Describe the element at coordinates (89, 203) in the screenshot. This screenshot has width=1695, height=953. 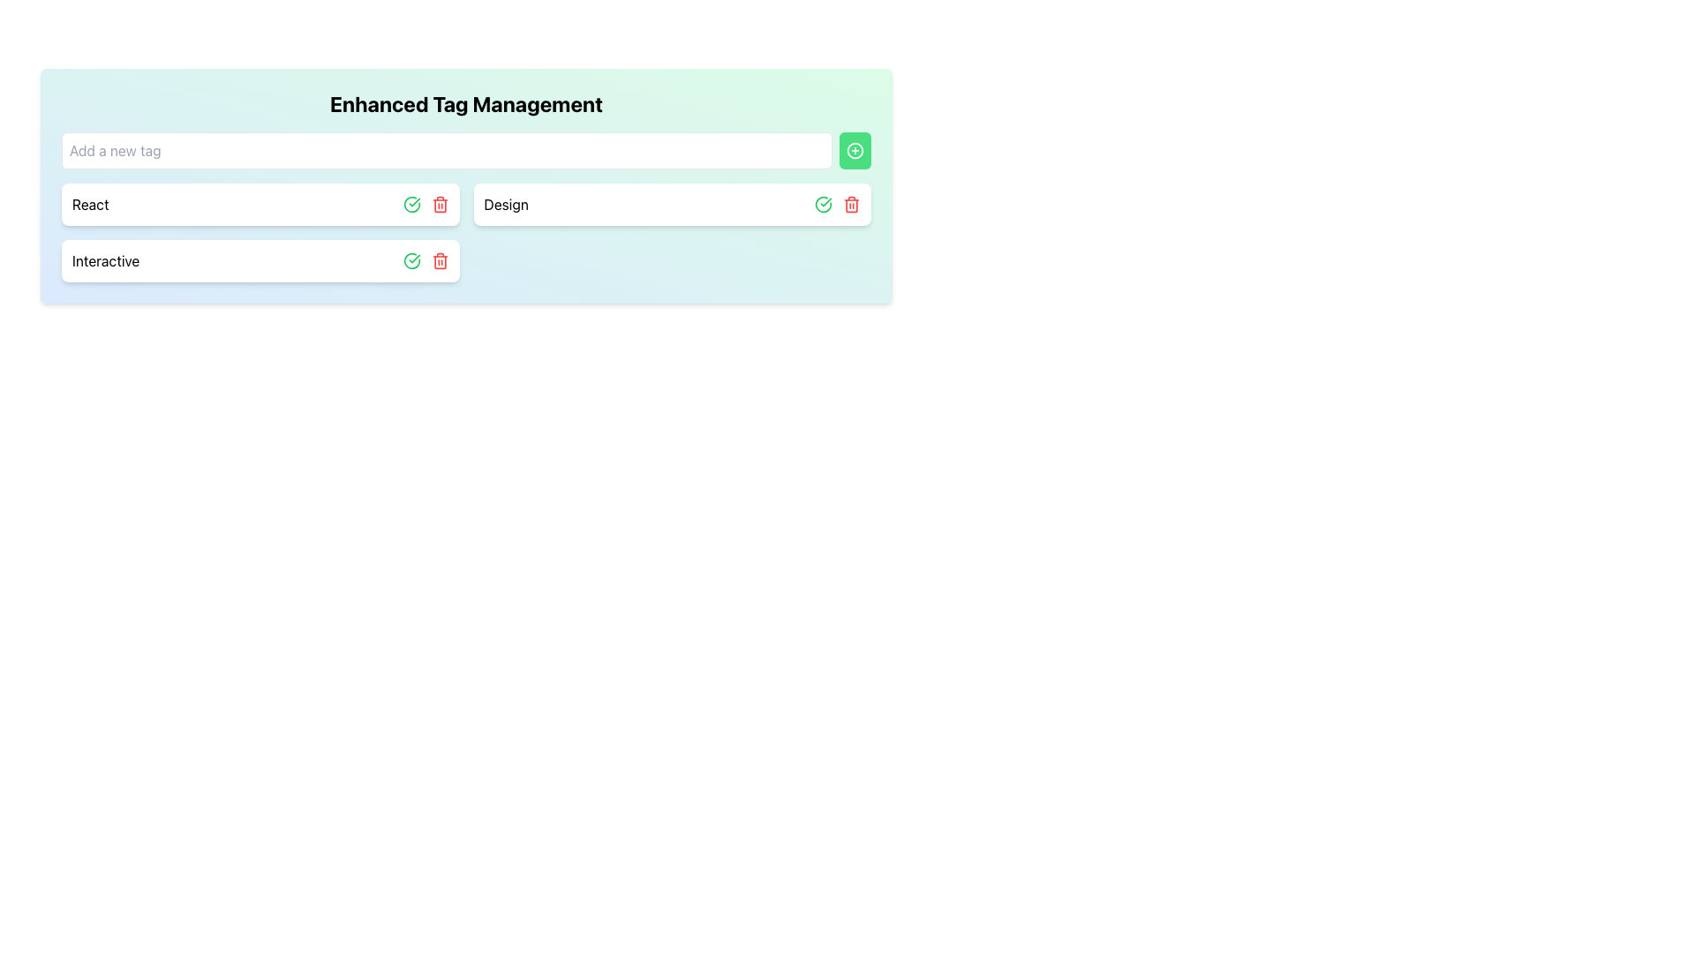
I see `the 'React' tag label, the first entry in the list of tags` at that location.